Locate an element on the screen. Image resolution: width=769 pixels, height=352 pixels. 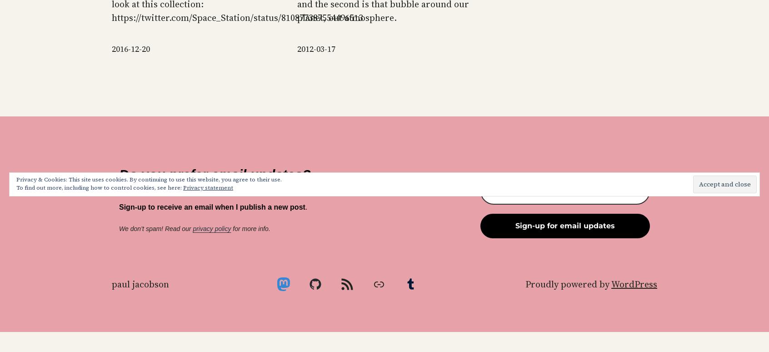
'2012-03-17' is located at coordinates (316, 49).